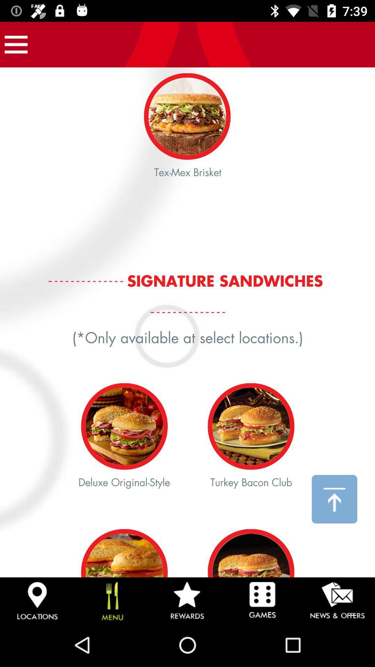 This screenshot has height=667, width=375. What do you see at coordinates (16, 44) in the screenshot?
I see `the menu icon` at bounding box center [16, 44].